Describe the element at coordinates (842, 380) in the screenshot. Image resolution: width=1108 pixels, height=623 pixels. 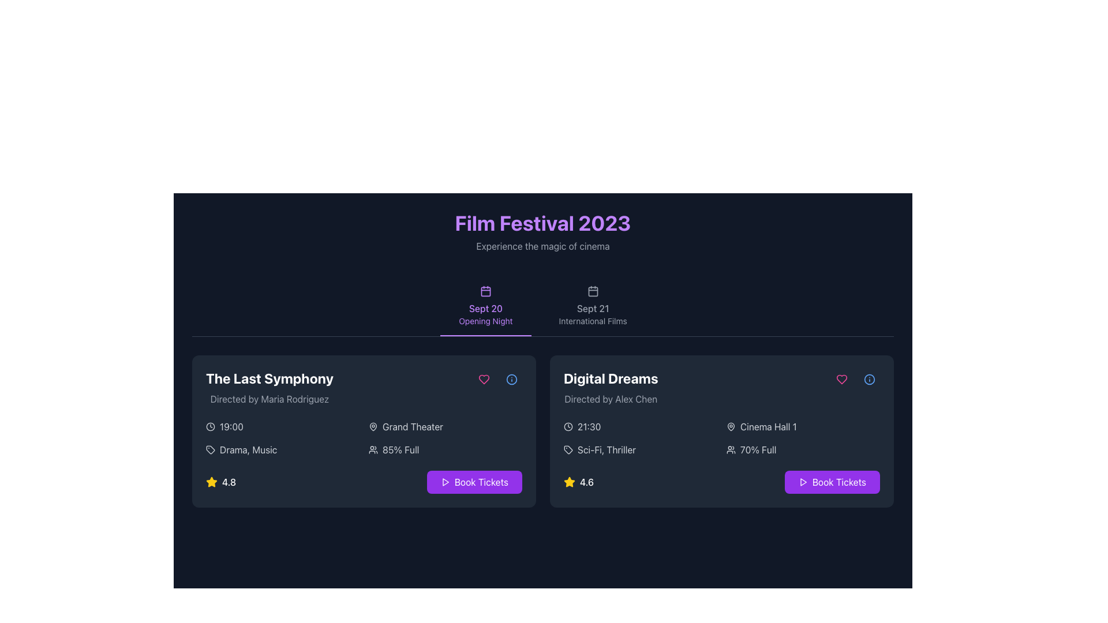
I see `the outlined pink heart icon located in the upper-right corner of the 'Digital Dreams' movie card` at that location.